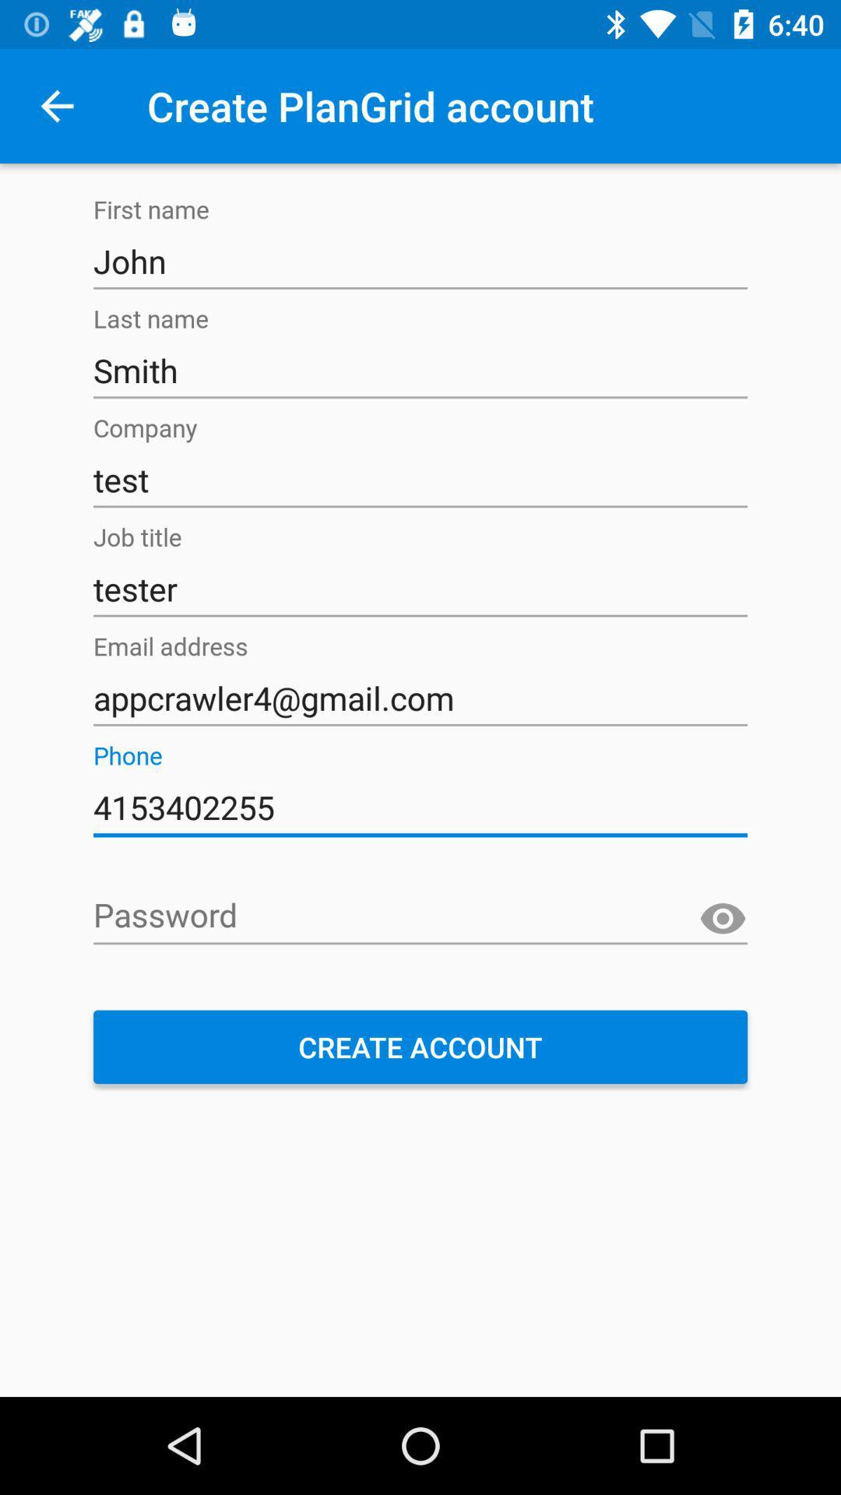 This screenshot has width=841, height=1495. I want to click on test item, so click(420, 479).